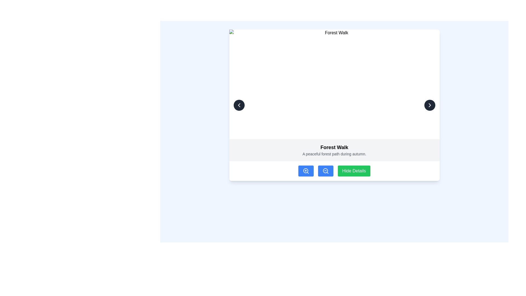 This screenshot has height=296, width=526. Describe the element at coordinates (429, 105) in the screenshot. I see `the icon within the circular button located in the top-right corner of the dialog` at that location.